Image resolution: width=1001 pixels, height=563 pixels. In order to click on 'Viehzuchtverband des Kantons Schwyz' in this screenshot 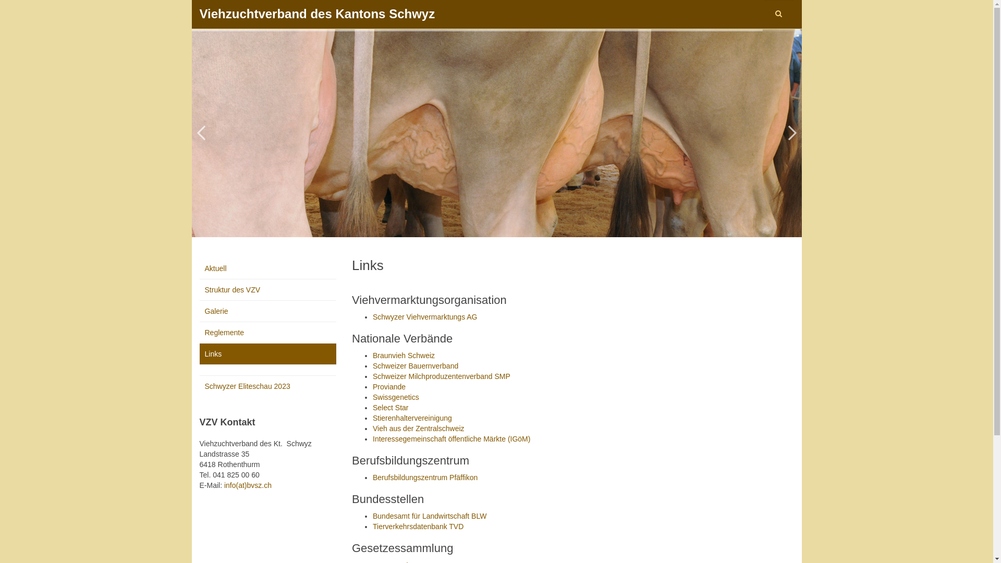, I will do `click(316, 10)`.